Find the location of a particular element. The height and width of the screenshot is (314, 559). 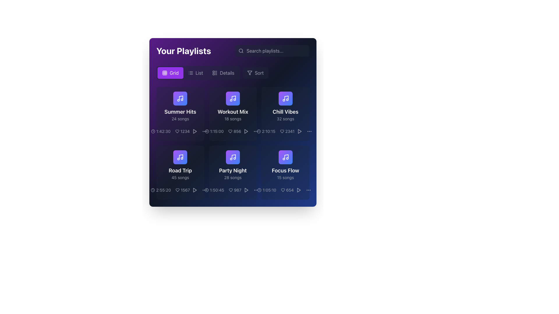

the button located in the second row, third column of the 3x2 grid layout, which is associated with the 'Party Night' playlist is located at coordinates (233, 157).